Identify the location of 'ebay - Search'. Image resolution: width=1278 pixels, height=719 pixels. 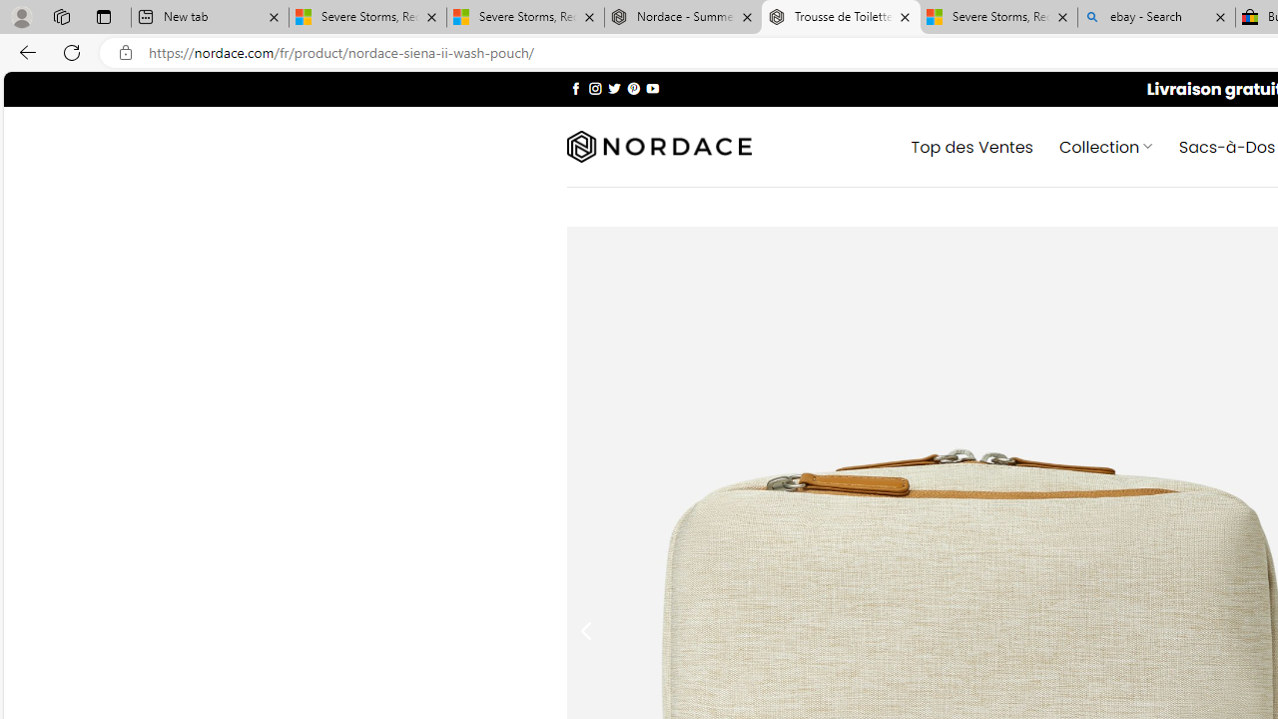
(1156, 17).